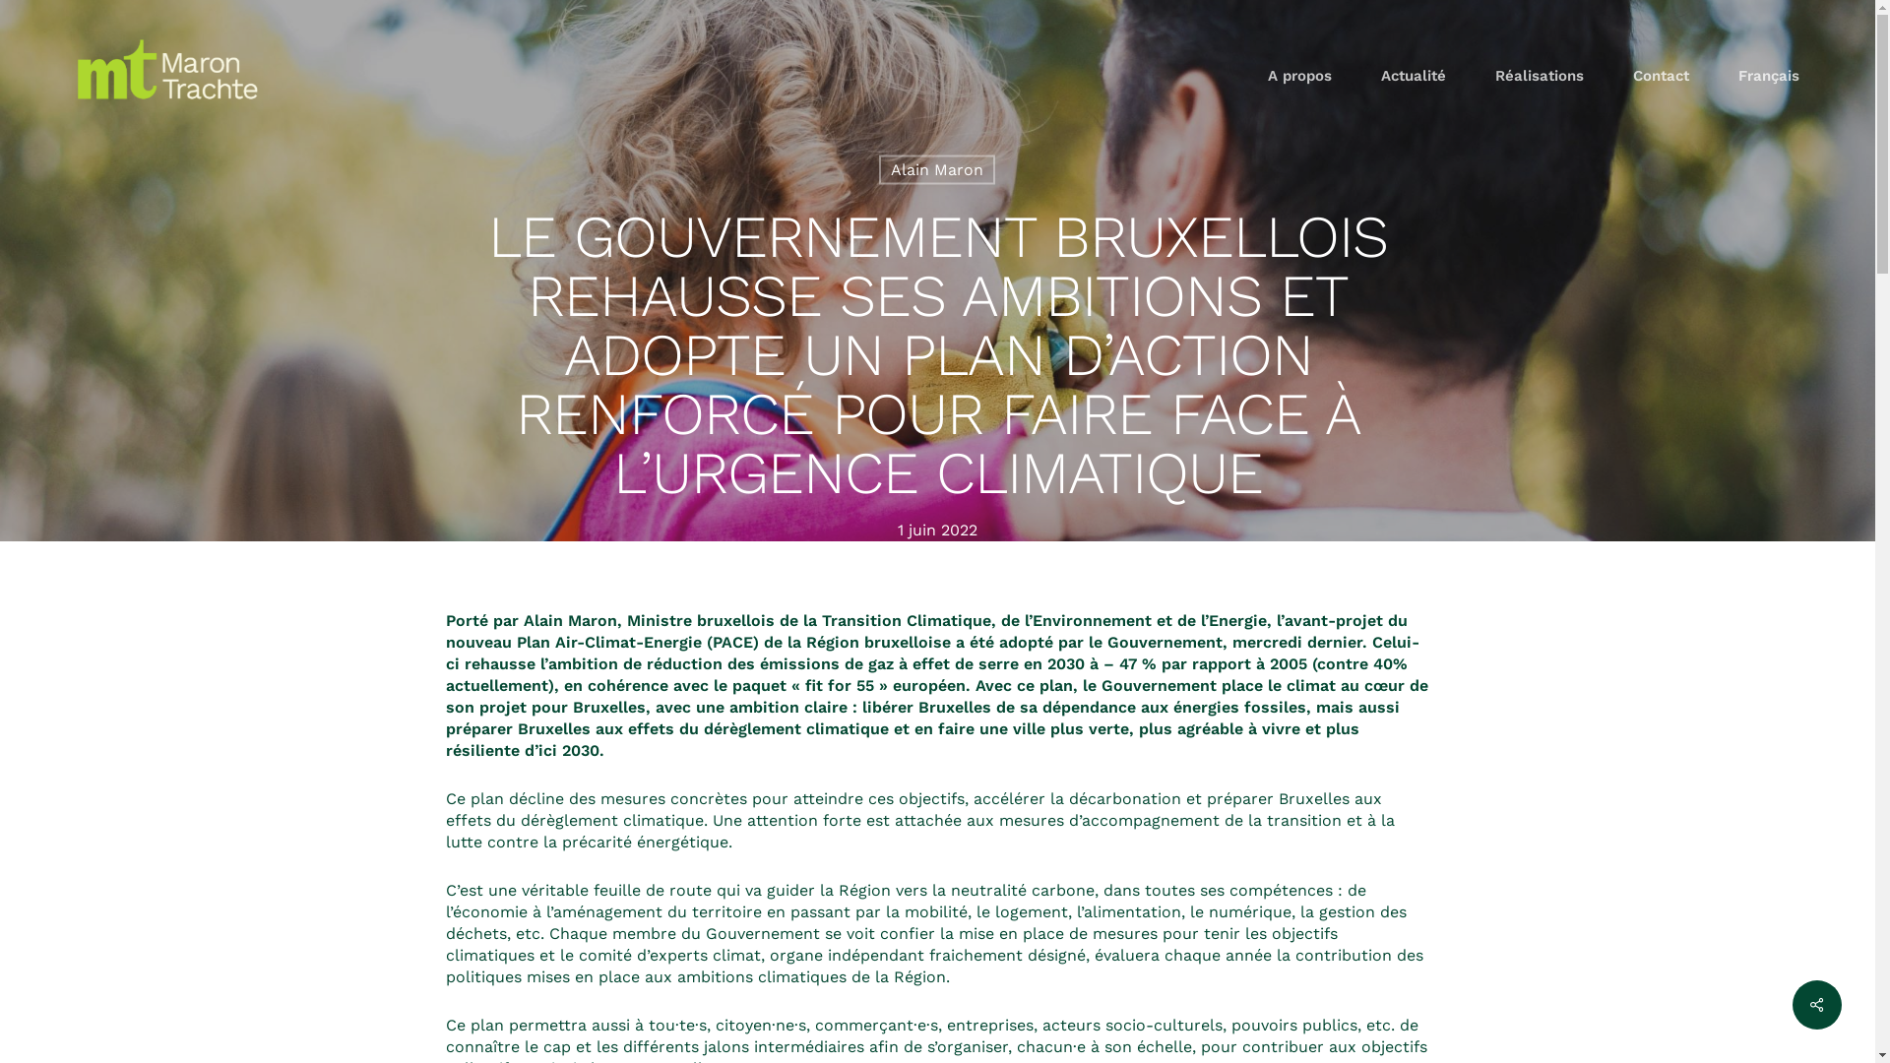 Image resolution: width=1890 pixels, height=1063 pixels. Describe the element at coordinates (1267, 75) in the screenshot. I see `'A propos'` at that location.